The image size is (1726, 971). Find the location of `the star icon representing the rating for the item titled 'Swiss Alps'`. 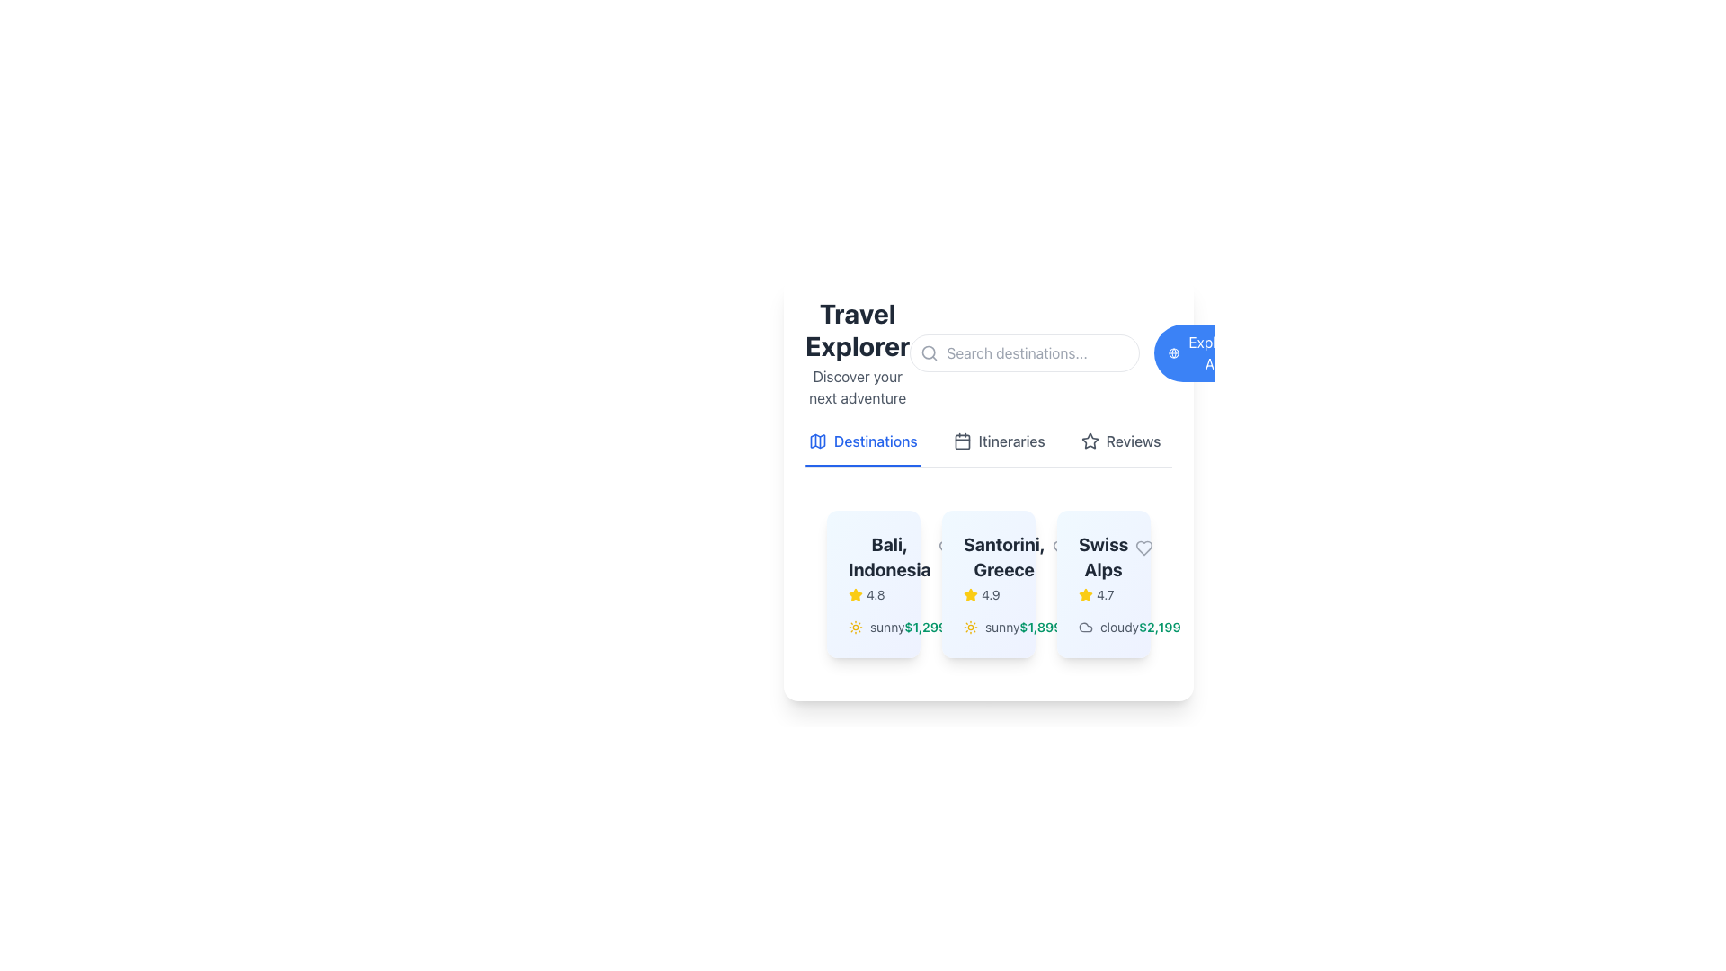

the star icon representing the rating for the item titled 'Swiss Alps' is located at coordinates (1089, 441).